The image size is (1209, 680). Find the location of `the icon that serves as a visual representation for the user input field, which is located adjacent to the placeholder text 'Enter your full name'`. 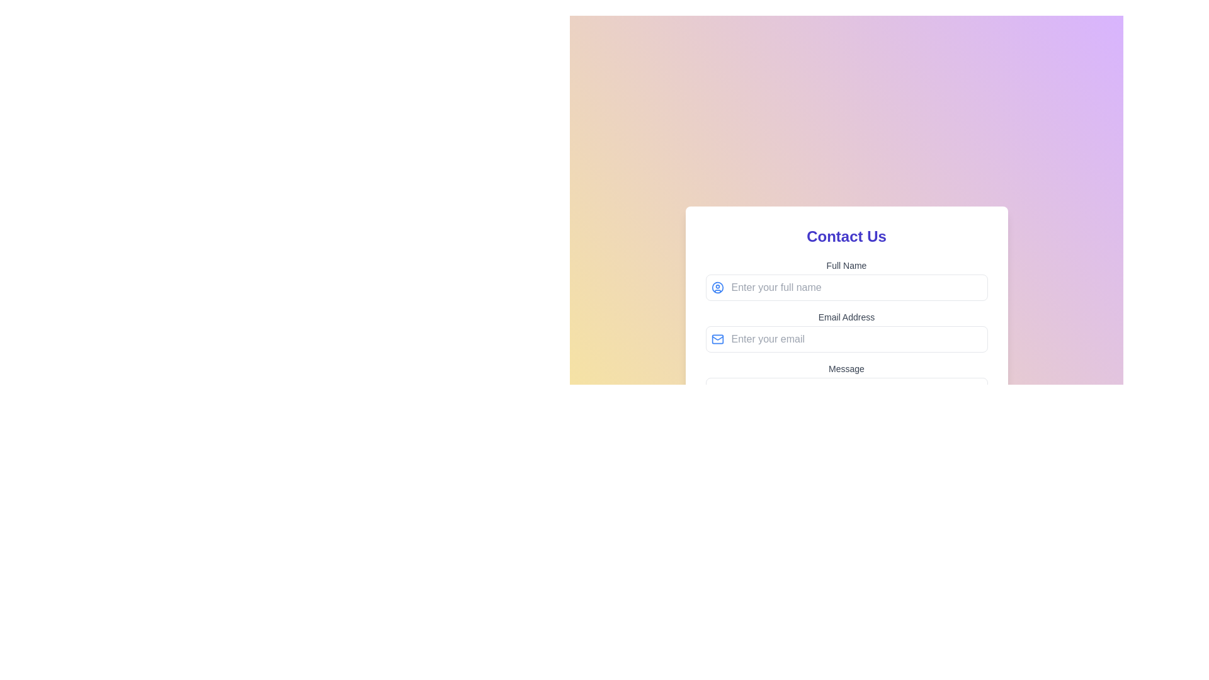

the icon that serves as a visual representation for the user input field, which is located adjacent to the placeholder text 'Enter your full name' is located at coordinates (717, 287).